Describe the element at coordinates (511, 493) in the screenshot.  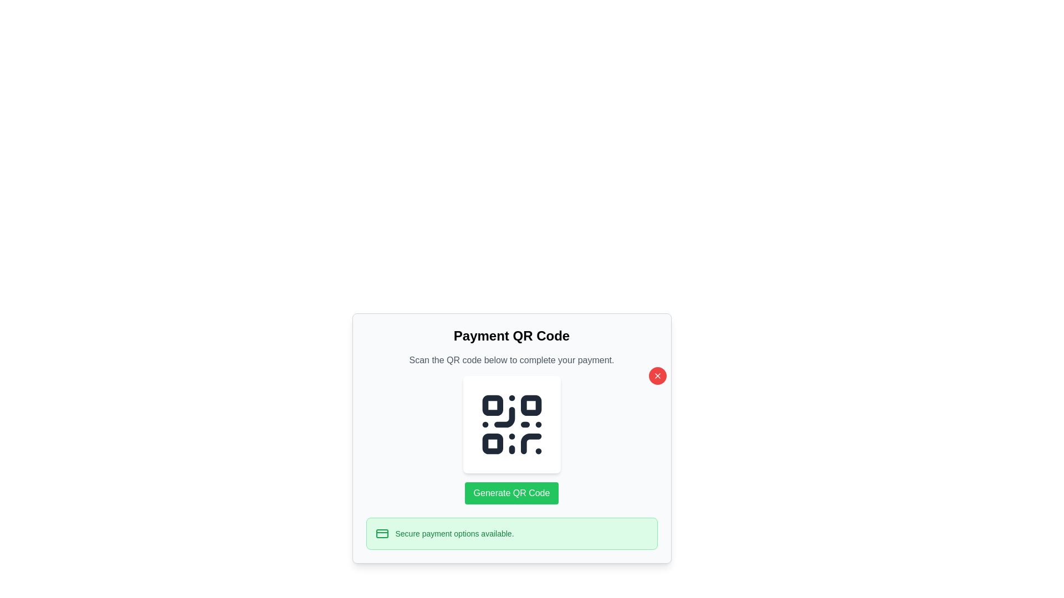
I see `the green button labeled 'Generate QR Code'` at that location.